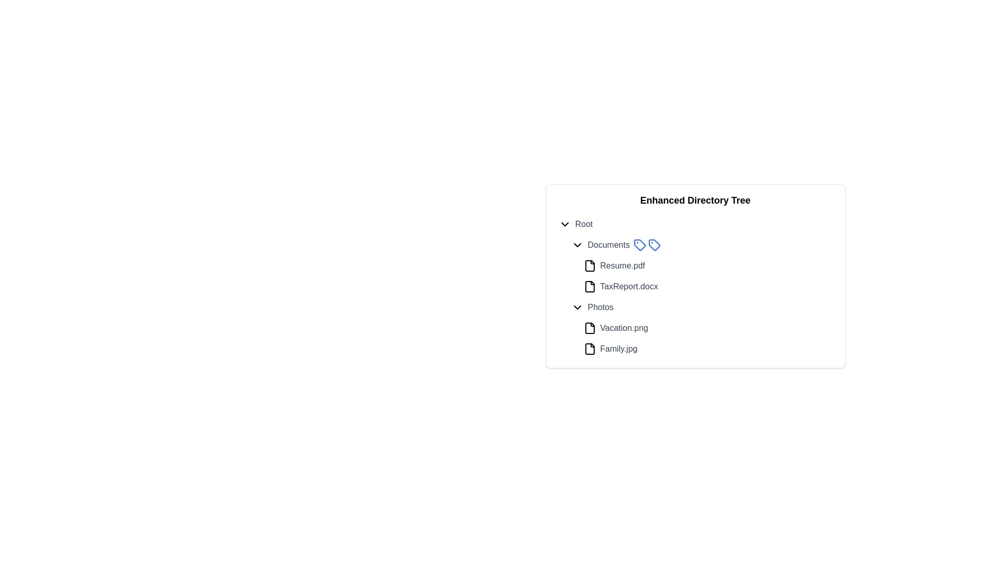  Describe the element at coordinates (701, 306) in the screenshot. I see `the toggle button in the directory tree view` at that location.